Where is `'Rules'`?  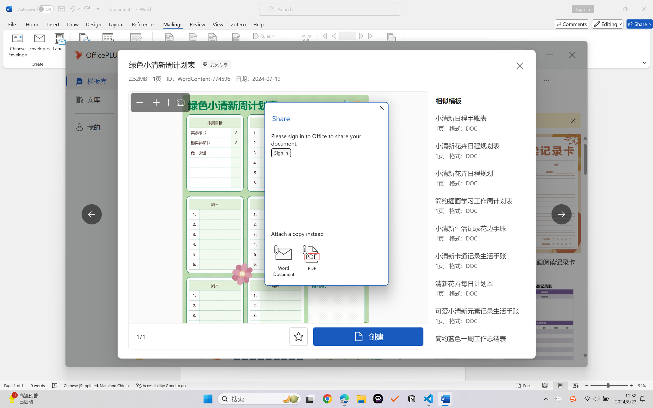
'Rules' is located at coordinates (264, 35).